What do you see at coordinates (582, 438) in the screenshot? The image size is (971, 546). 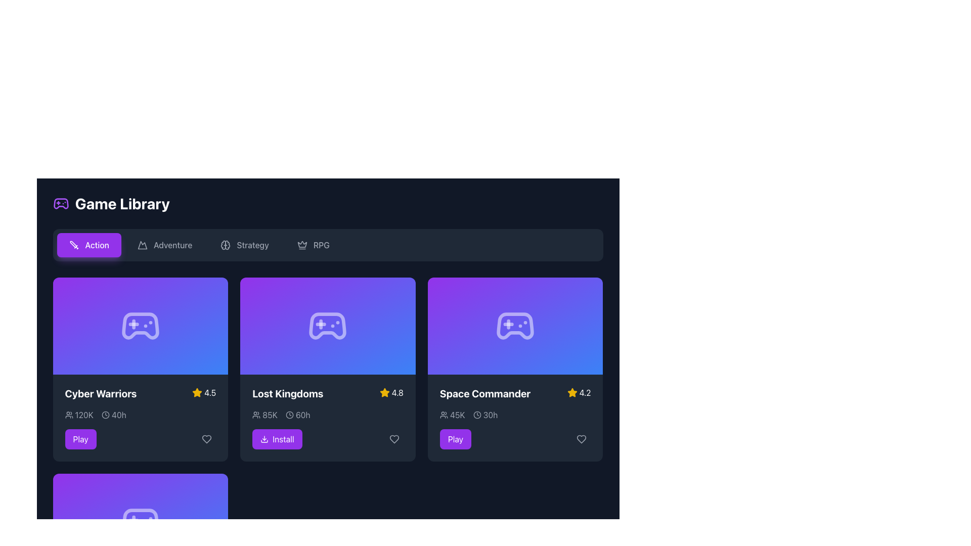 I see `the small heart-shaped outline icon to mark the game 'Space Commander' as a favorite` at bounding box center [582, 438].